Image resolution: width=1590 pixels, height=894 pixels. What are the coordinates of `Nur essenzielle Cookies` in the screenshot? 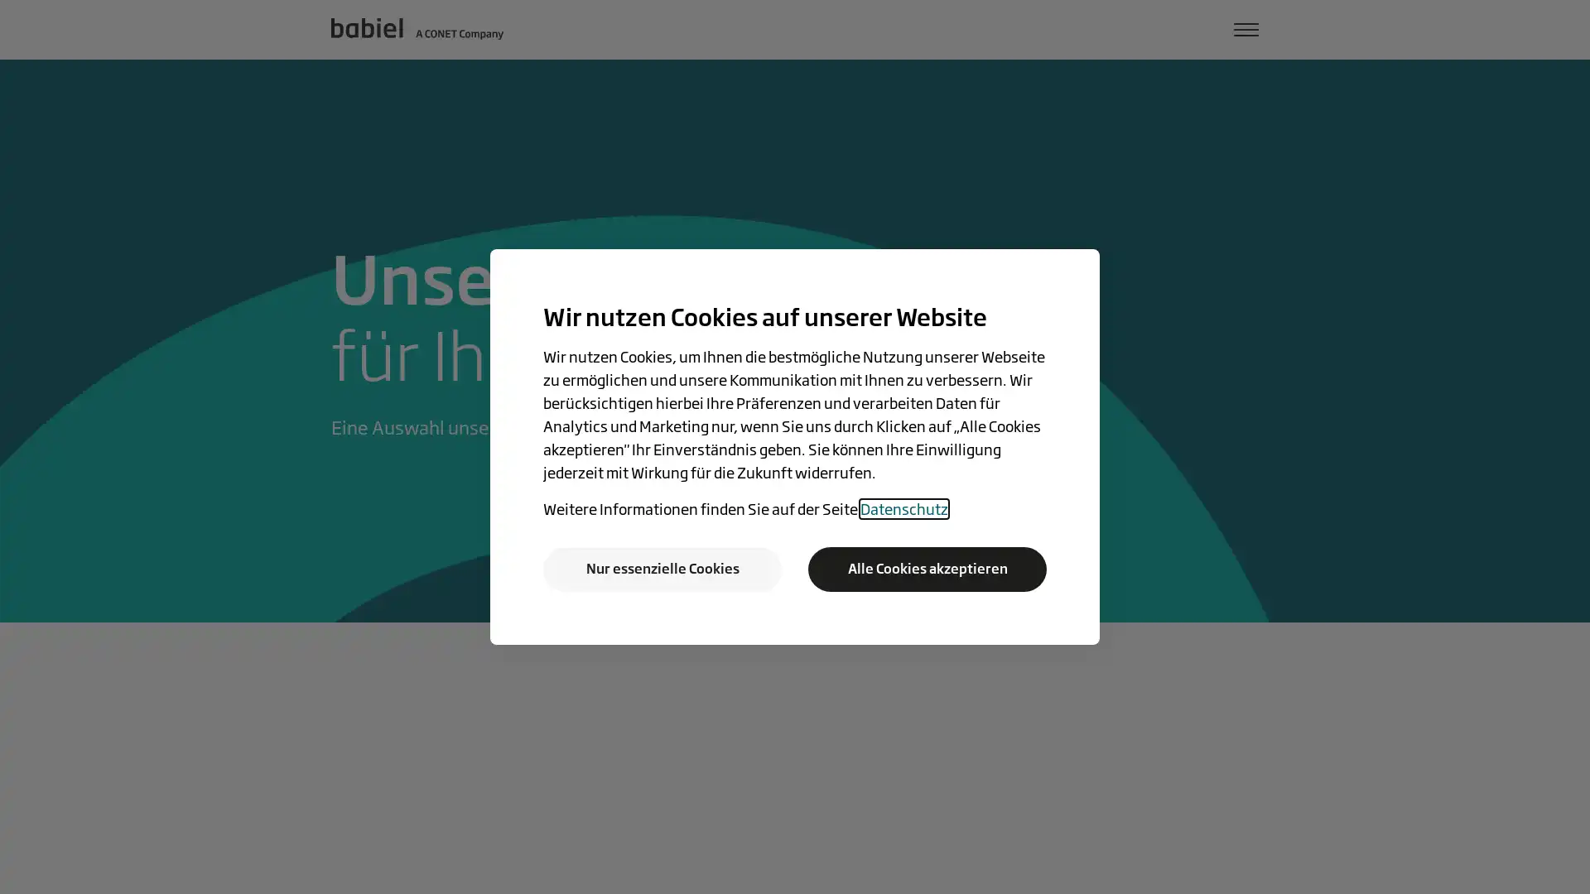 It's located at (662, 568).